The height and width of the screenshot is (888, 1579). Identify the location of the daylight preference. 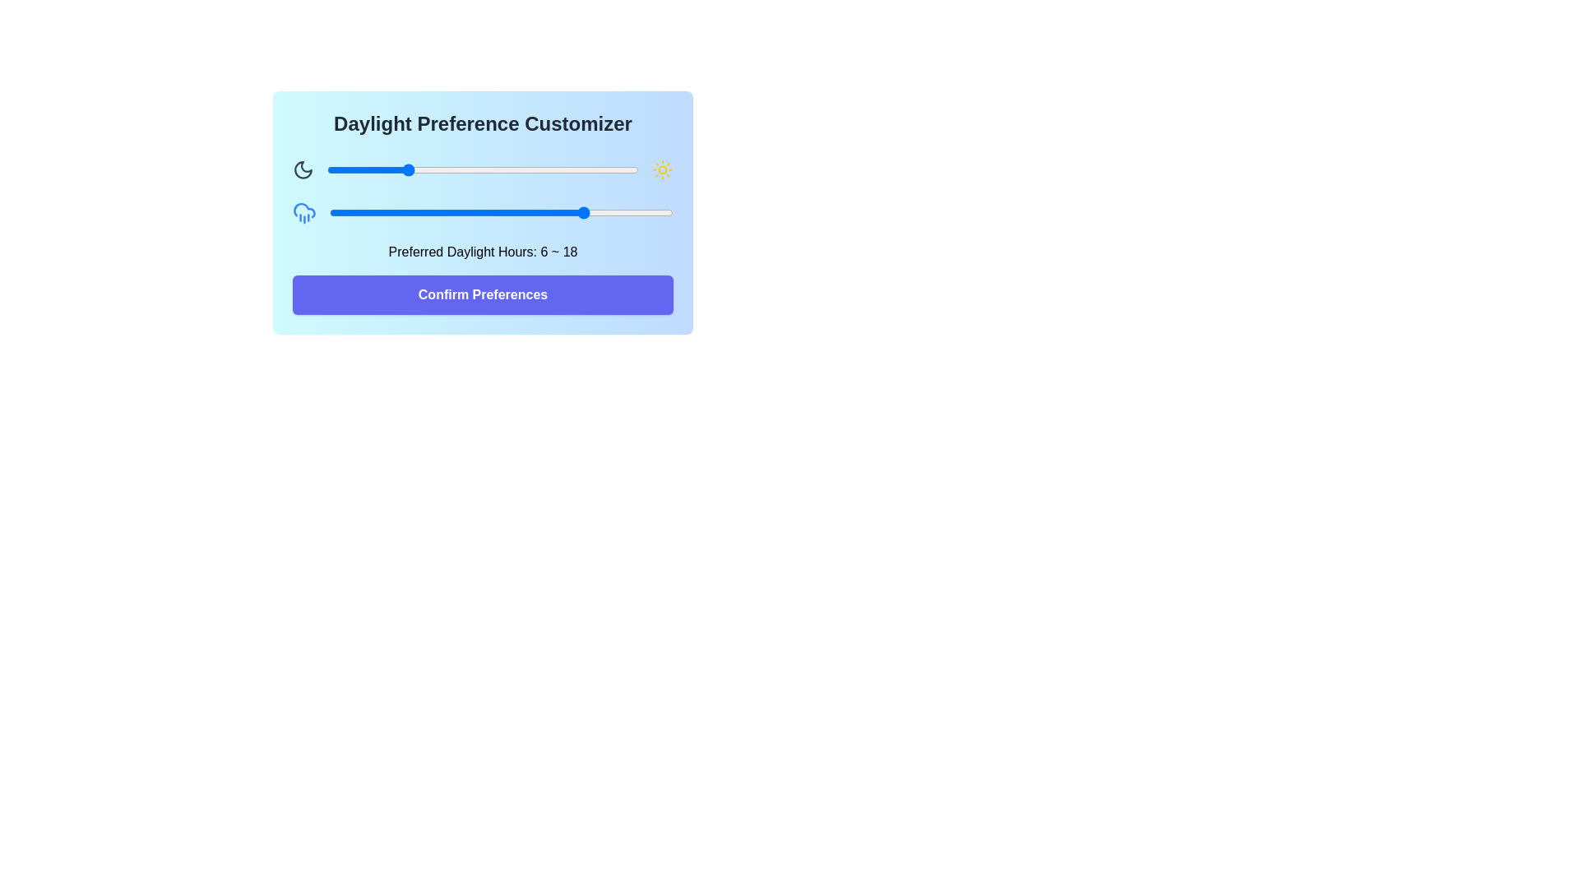
(521, 170).